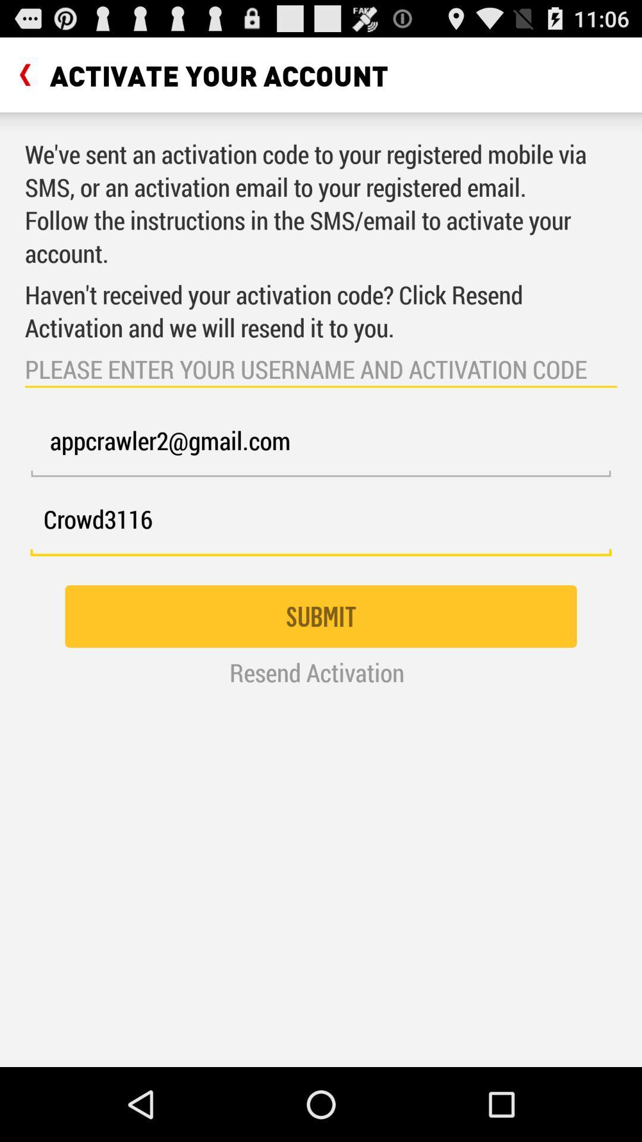 The height and width of the screenshot is (1142, 642). I want to click on icon above the submit, so click(321, 525).